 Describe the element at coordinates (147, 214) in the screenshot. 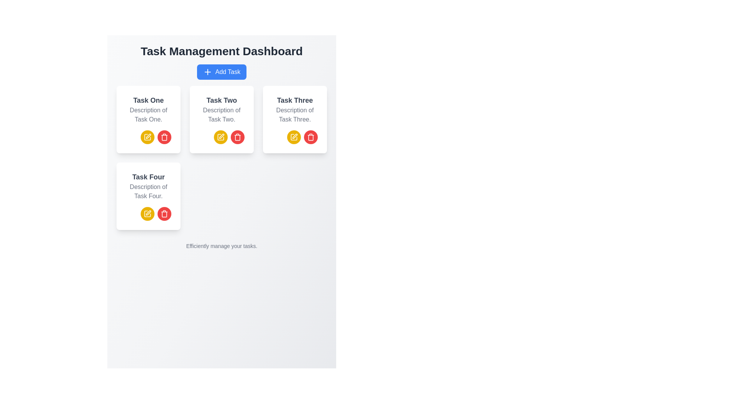

I see `the icon button located in the 'Task Four' component at the bottom-left corner` at that location.